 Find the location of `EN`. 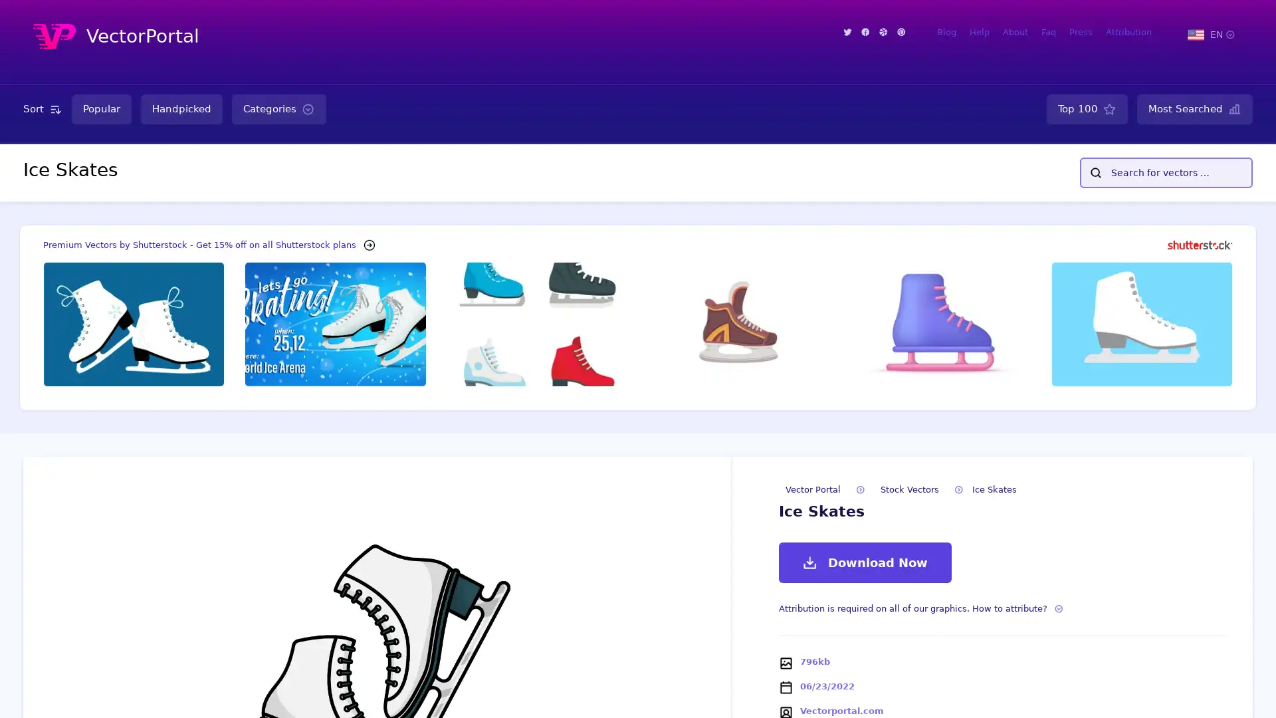

EN is located at coordinates (1210, 33).